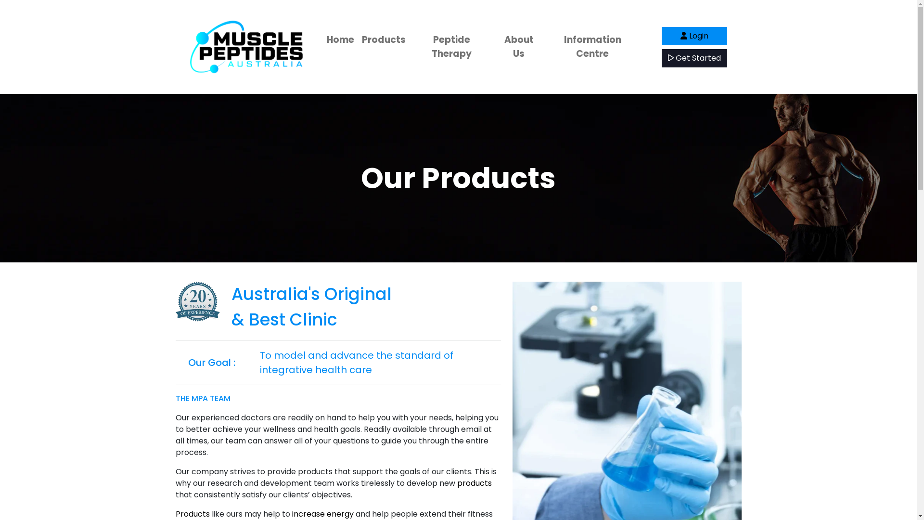  Describe the element at coordinates (592, 47) in the screenshot. I see `'Information Centre'` at that location.